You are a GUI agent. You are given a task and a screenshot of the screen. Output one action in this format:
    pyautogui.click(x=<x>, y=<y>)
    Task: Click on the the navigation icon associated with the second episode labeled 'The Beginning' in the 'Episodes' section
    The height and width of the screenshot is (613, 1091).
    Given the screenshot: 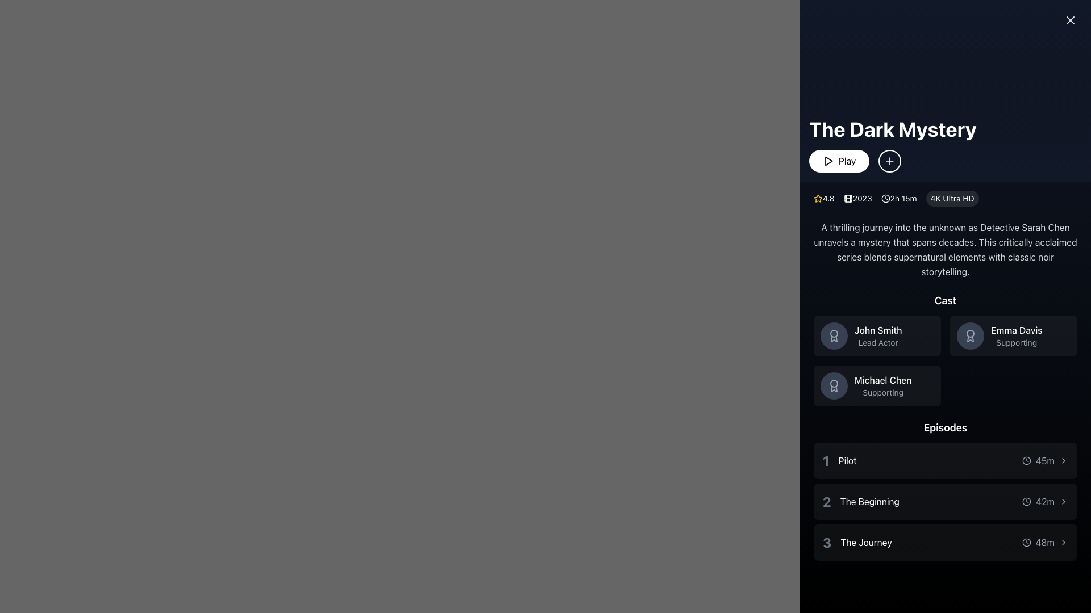 What is the action you would take?
    pyautogui.click(x=1063, y=501)
    